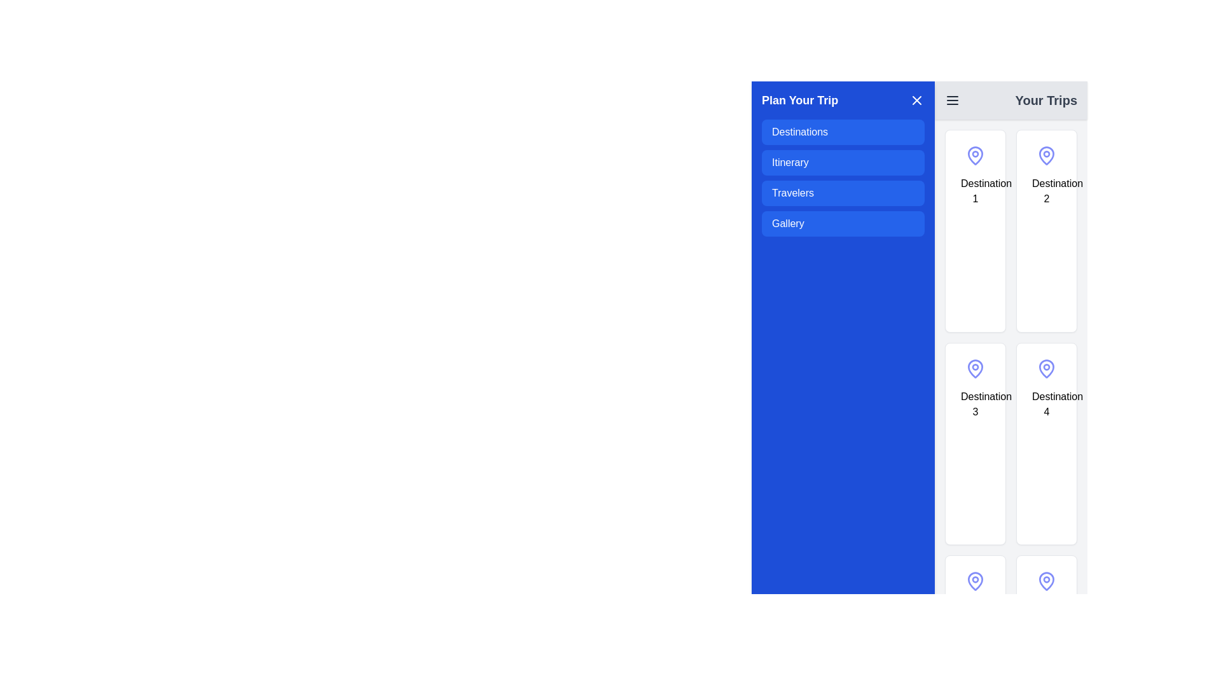 This screenshot has height=687, width=1221. What do you see at coordinates (975, 191) in the screenshot?
I see `the label element that indicates the name or identifier of the section or card within the interface for accessibility interactions` at bounding box center [975, 191].